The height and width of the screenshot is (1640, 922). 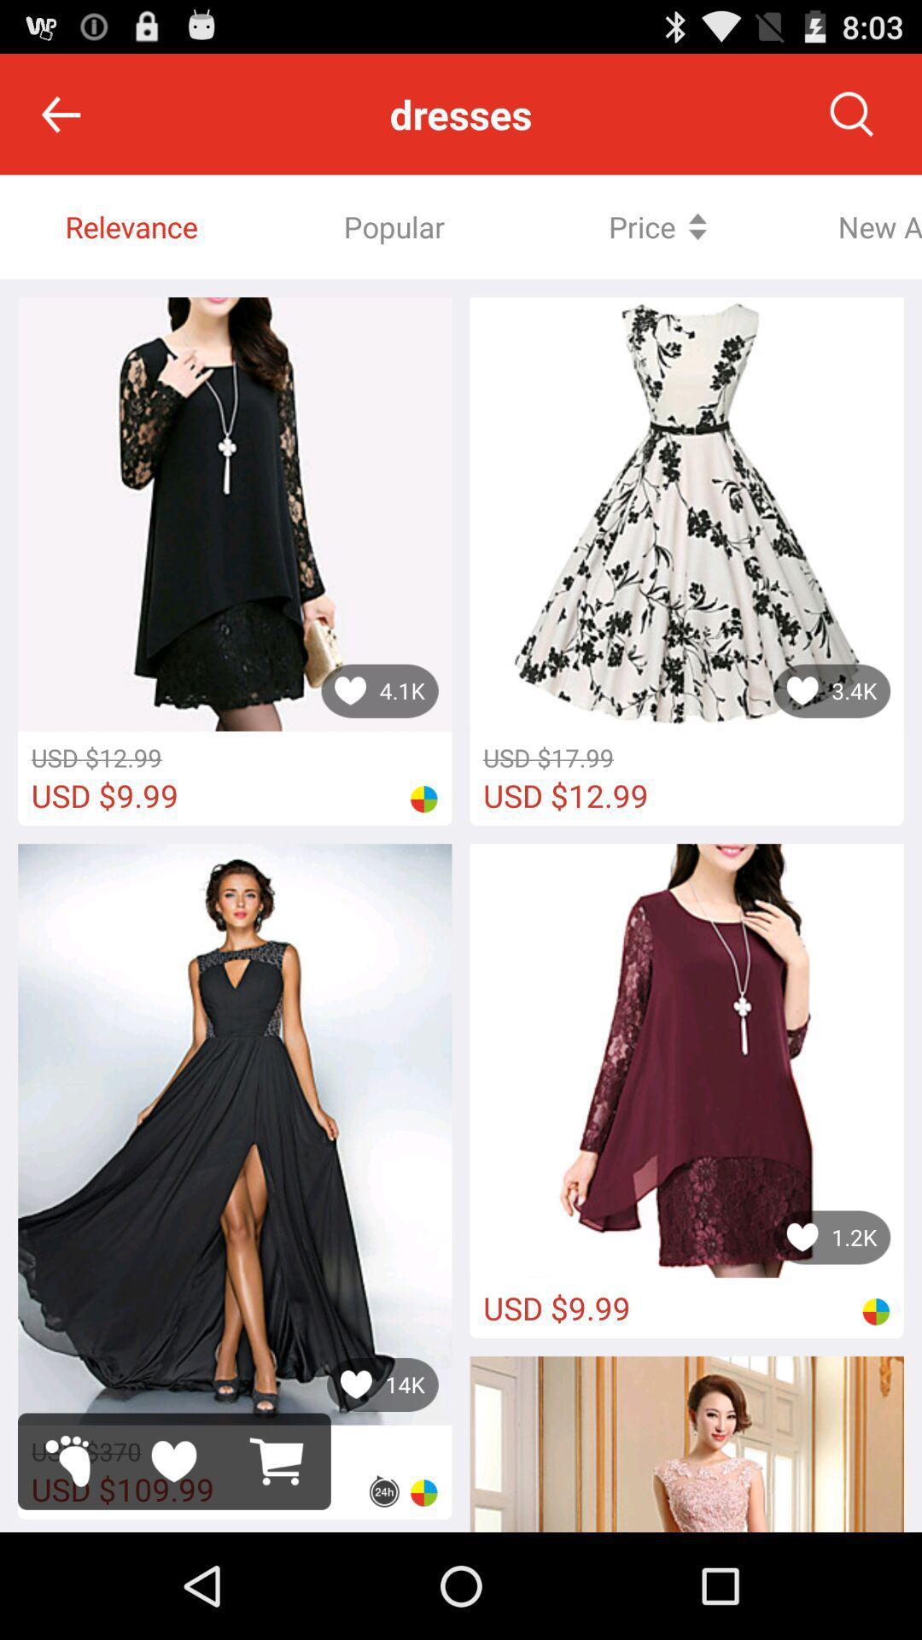 I want to click on the arrow_backward icon, so click(x=60, y=121).